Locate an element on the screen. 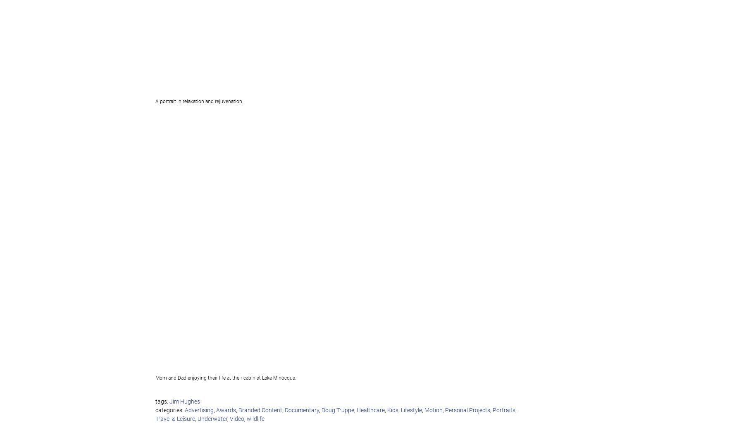 The height and width of the screenshot is (444, 746). 'Doug Truppe' is located at coordinates (338, 410).